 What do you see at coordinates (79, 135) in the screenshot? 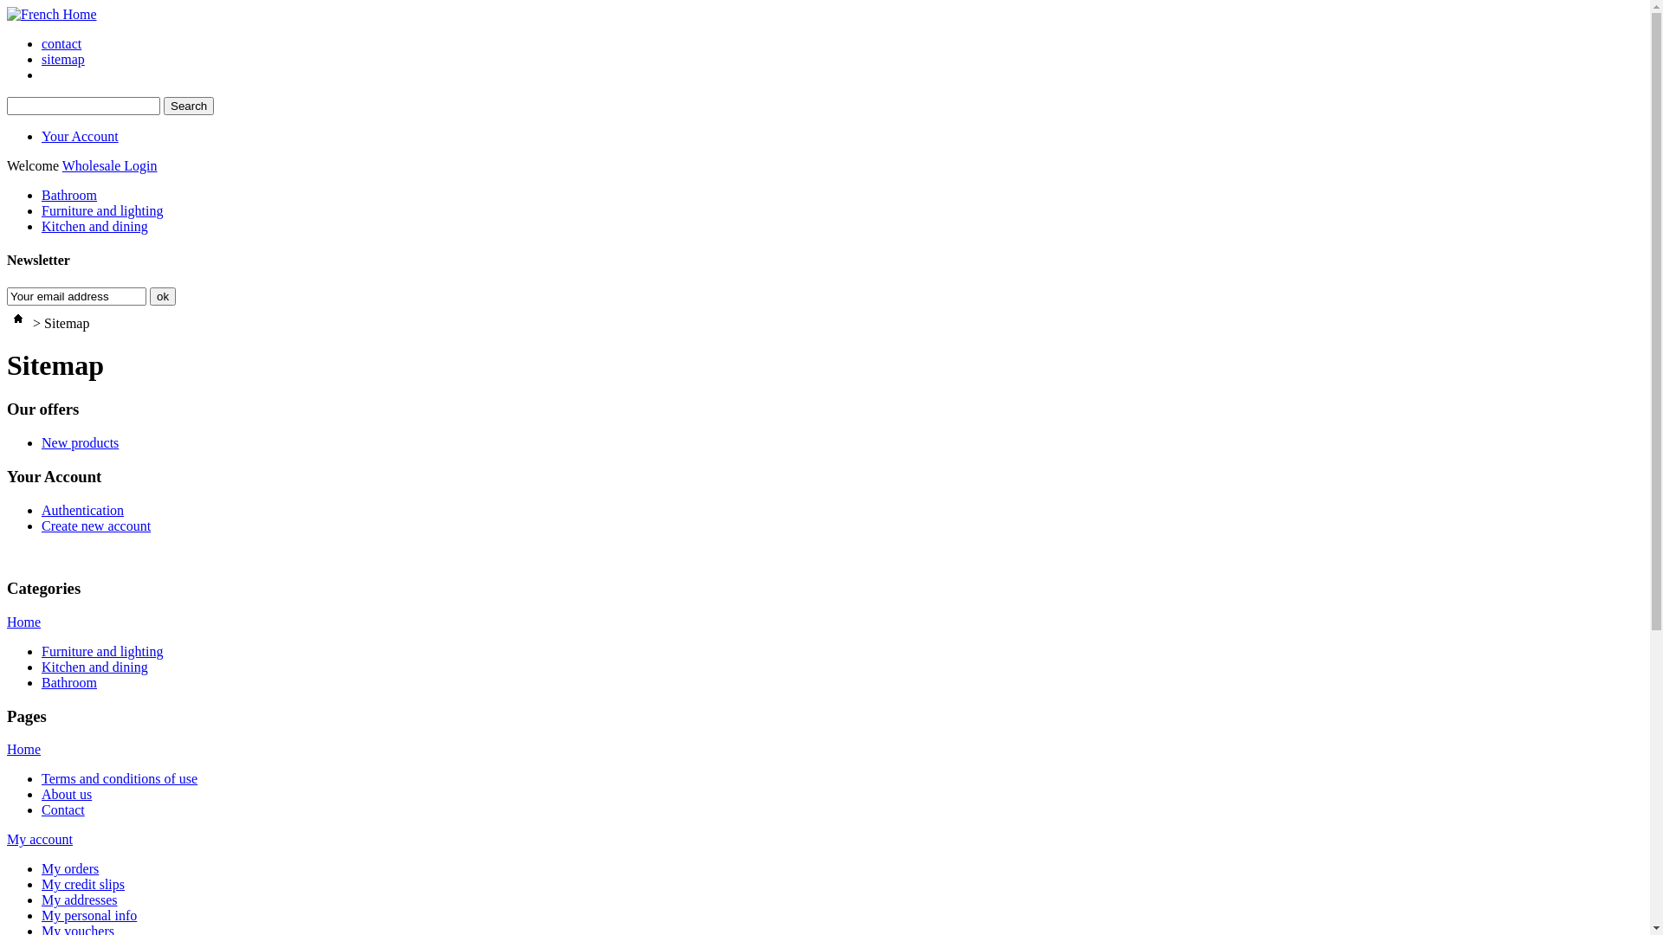
I see `'Your Account'` at bounding box center [79, 135].